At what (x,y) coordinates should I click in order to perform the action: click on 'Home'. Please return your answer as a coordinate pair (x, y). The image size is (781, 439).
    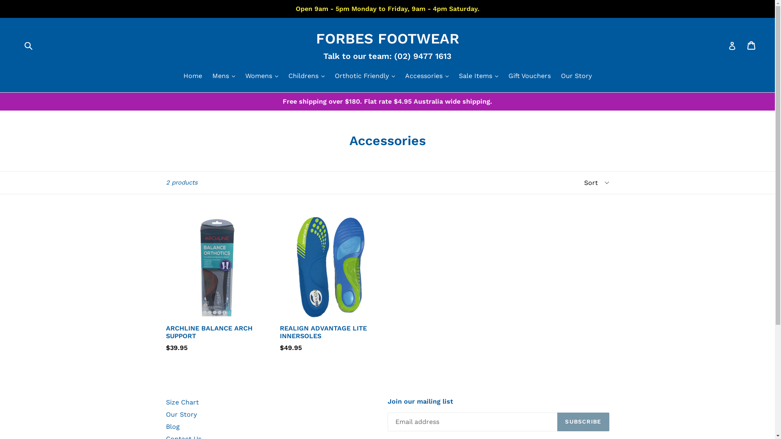
    Looking at the image, I should click on (179, 76).